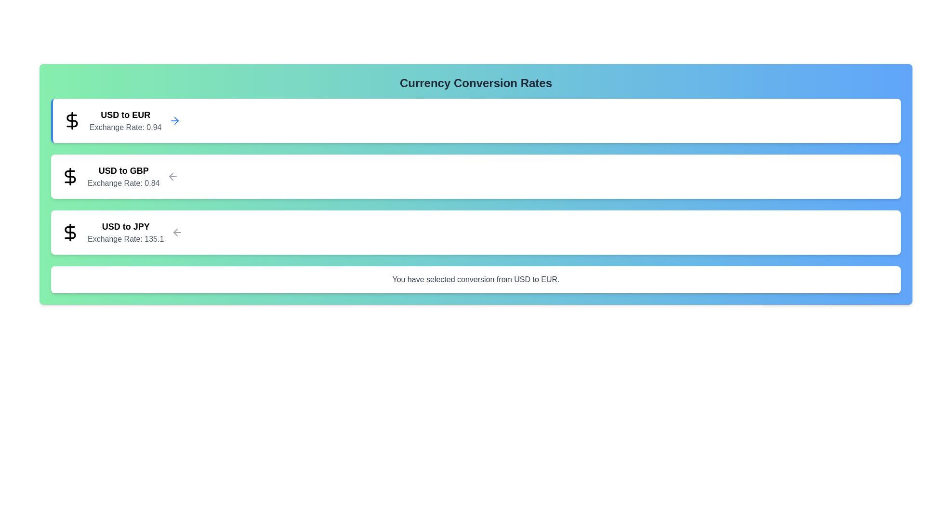  What do you see at coordinates (125, 232) in the screenshot?
I see `information displayed in the text label that shows the exchange rate from USD to JPY, which is the third item in a horizontally-aligned list of currency exchange entries` at bounding box center [125, 232].